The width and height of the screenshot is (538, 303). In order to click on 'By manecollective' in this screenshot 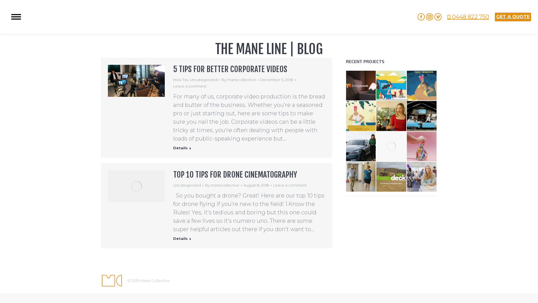, I will do `click(205, 185)`.